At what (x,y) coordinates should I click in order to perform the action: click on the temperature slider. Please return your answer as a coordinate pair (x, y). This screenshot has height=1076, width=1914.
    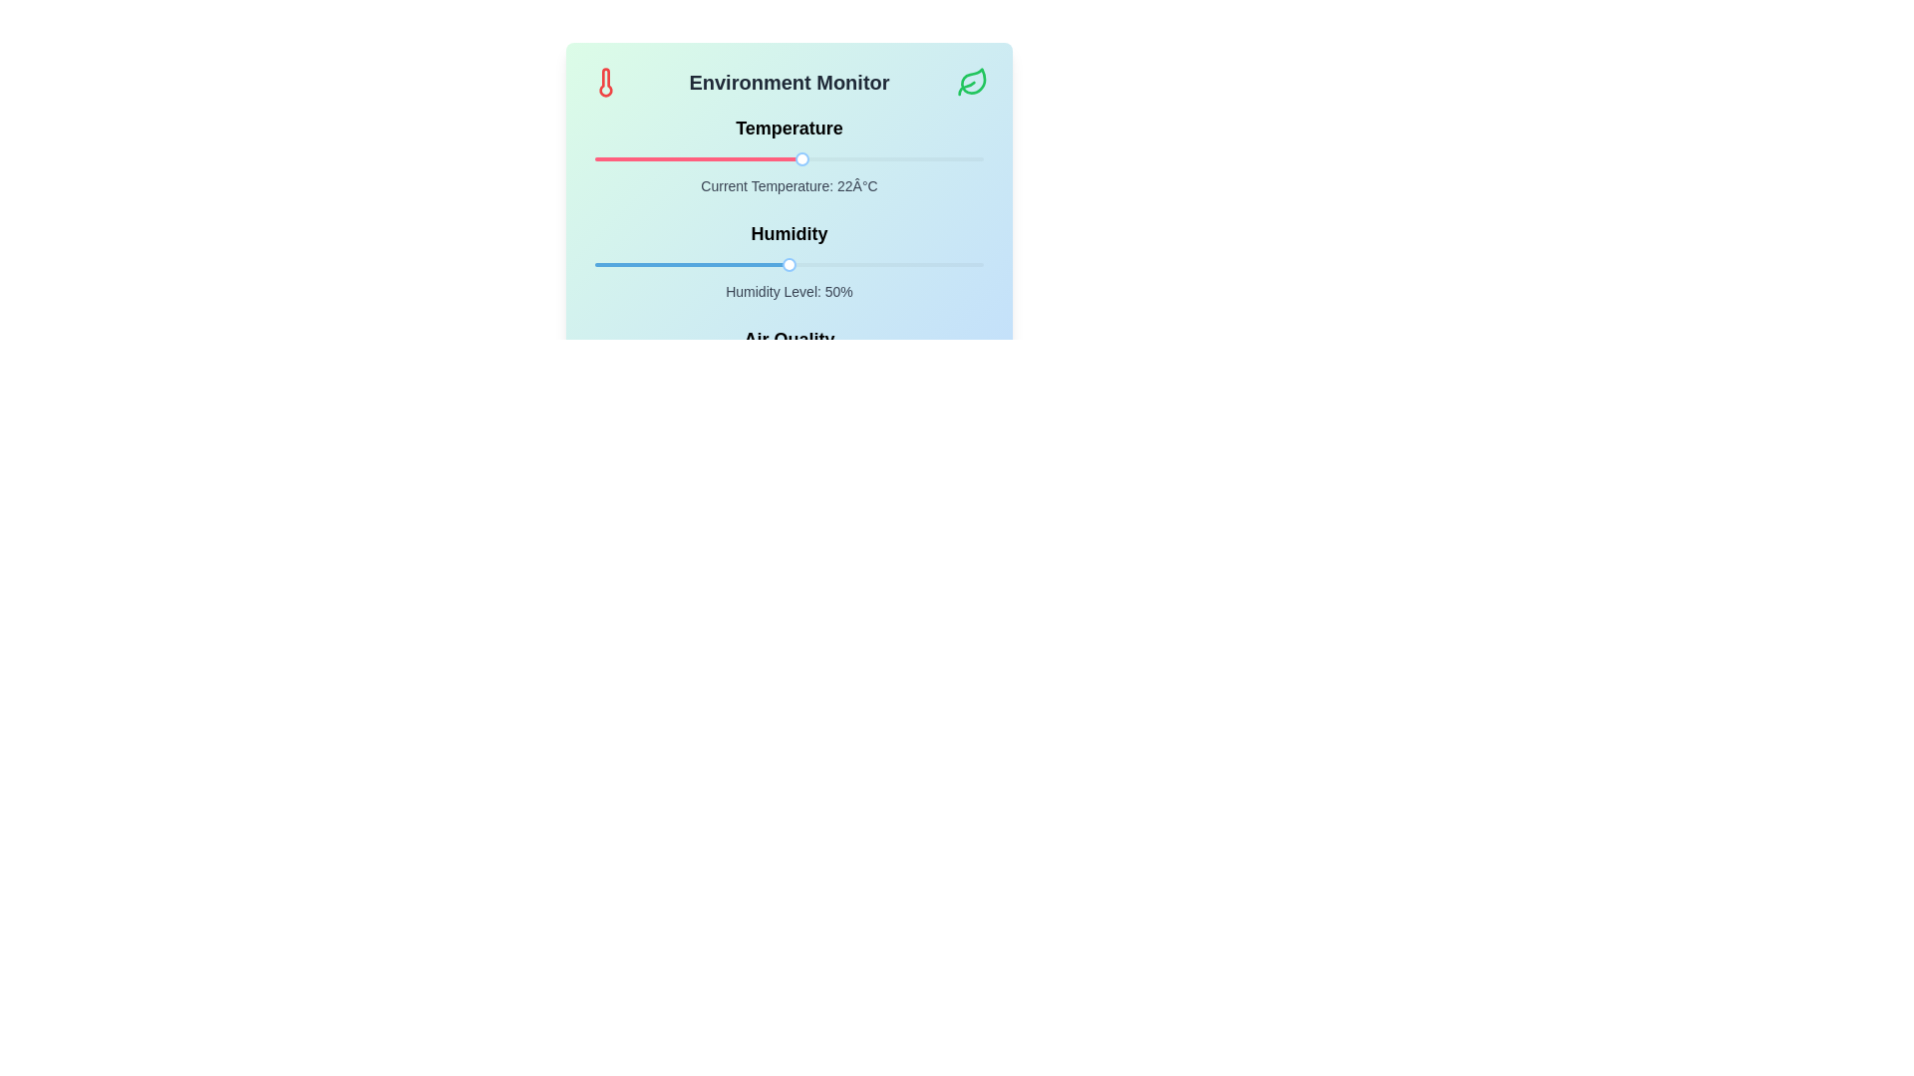
    Looking at the image, I should click on (803, 157).